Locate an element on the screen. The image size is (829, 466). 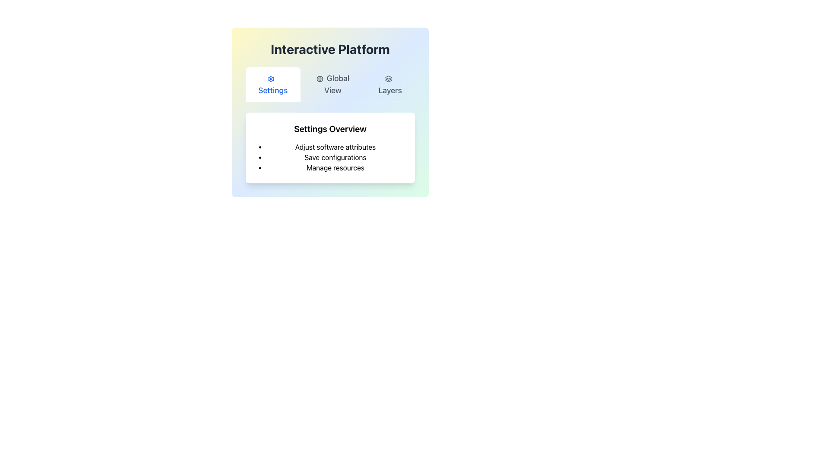
the settings icon located to the left of the 'Settings' text within the 'Settings' tab is located at coordinates (271, 79).